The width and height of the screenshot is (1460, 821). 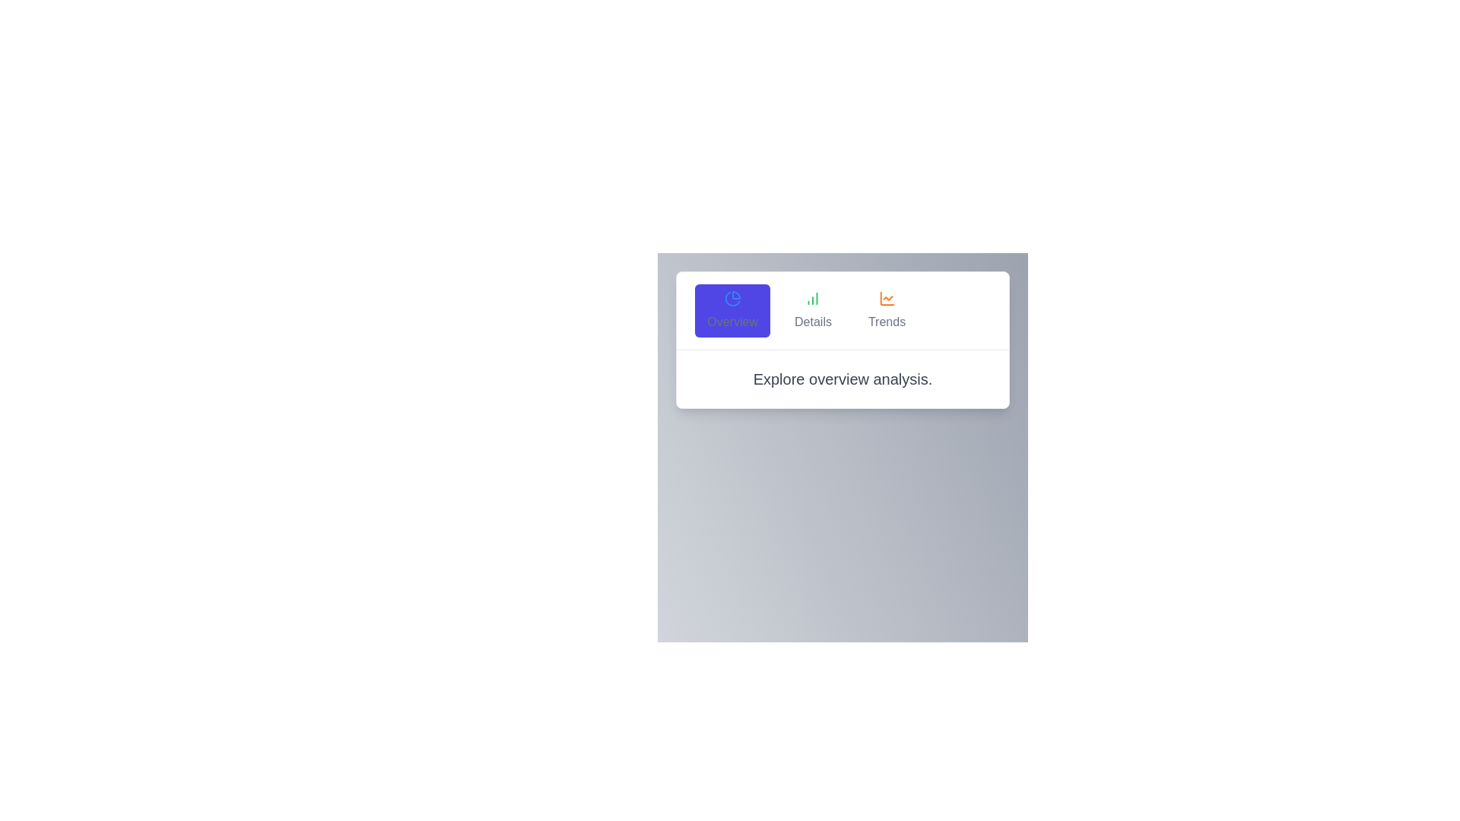 I want to click on the tab labeled Trends, so click(x=887, y=309).